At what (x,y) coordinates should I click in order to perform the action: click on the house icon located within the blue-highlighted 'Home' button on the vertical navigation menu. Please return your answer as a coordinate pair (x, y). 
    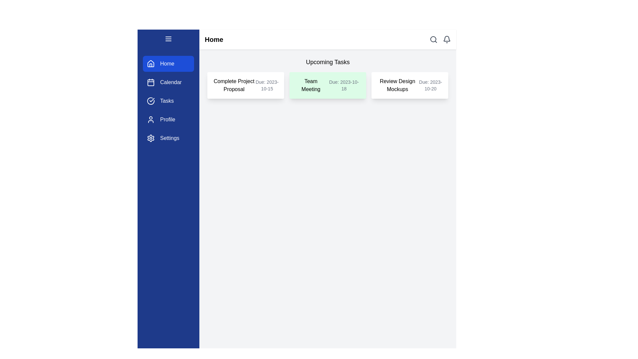
    Looking at the image, I should click on (151, 64).